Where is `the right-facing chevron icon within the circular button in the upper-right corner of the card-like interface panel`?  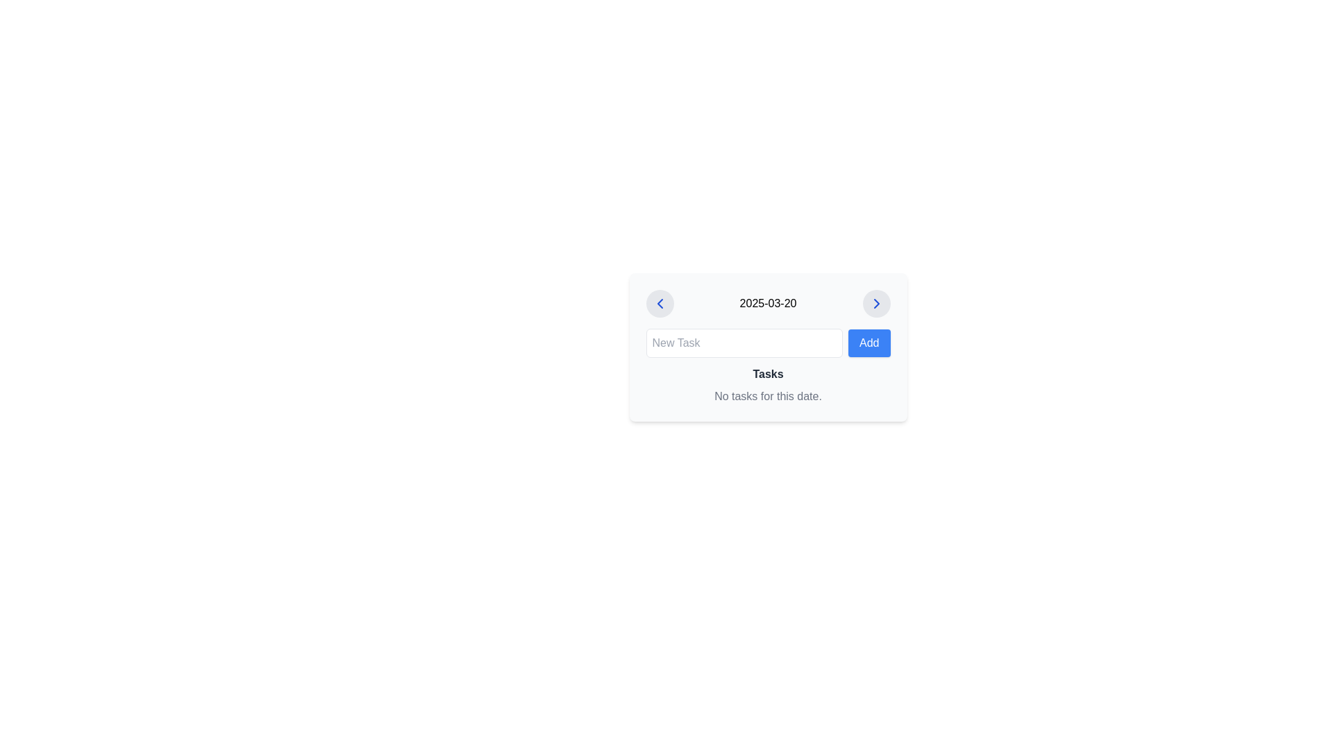 the right-facing chevron icon within the circular button in the upper-right corner of the card-like interface panel is located at coordinates (875, 303).